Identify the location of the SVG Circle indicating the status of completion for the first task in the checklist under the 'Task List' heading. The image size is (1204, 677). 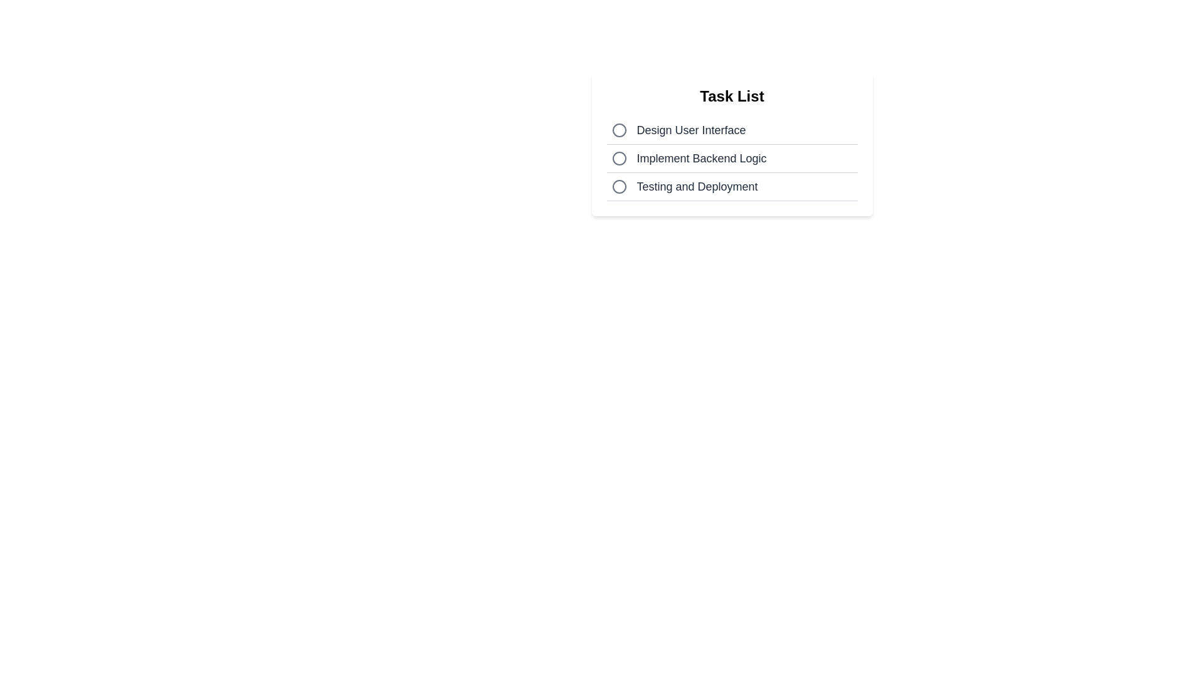
(619, 130).